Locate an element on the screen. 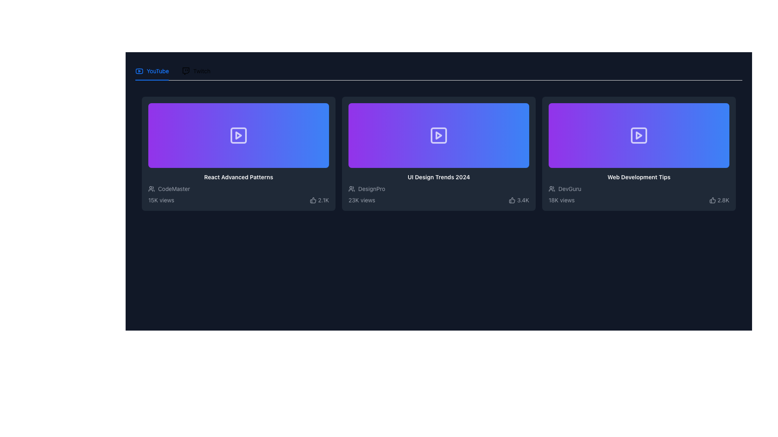 The width and height of the screenshot is (778, 437). the media playback indicator in the middle column of the three-column grid row to play the associated content for 'UI Design Trends 2024.' is located at coordinates (438, 135).